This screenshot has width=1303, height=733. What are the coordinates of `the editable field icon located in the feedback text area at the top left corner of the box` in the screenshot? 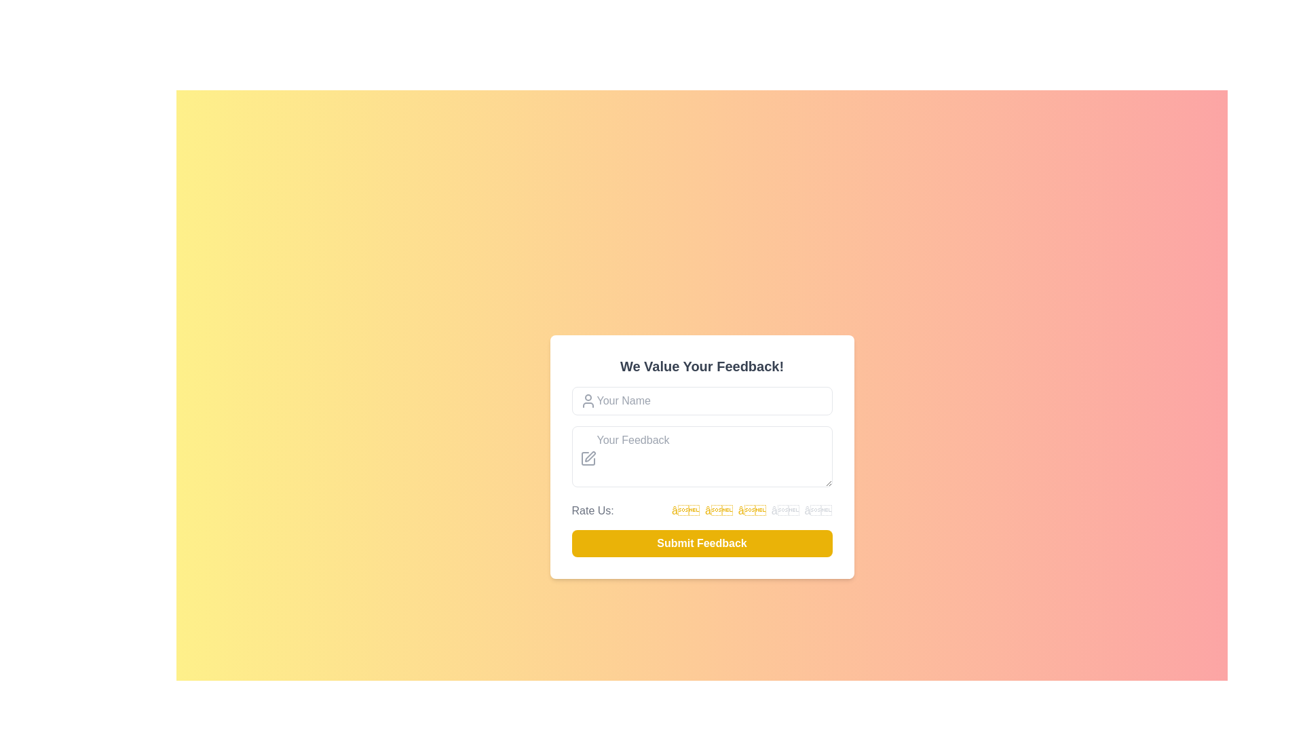 It's located at (590, 456).